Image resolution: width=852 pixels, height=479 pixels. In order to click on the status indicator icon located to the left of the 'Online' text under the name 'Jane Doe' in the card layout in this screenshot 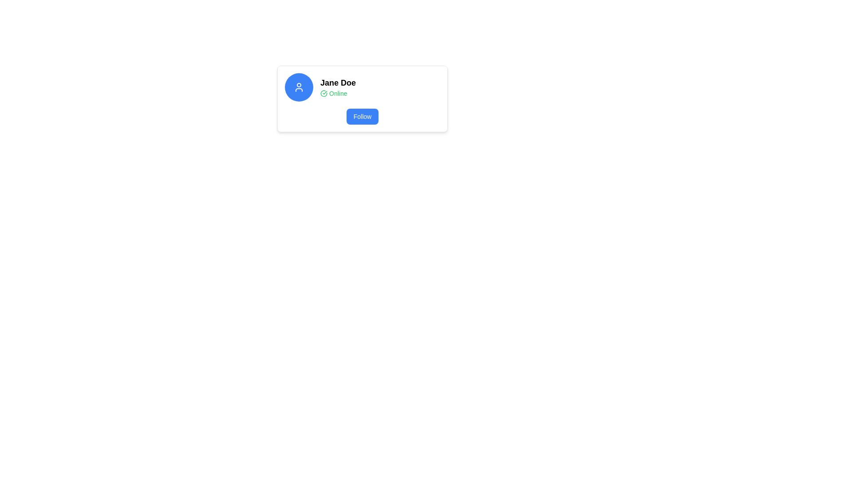, I will do `click(323, 94)`.